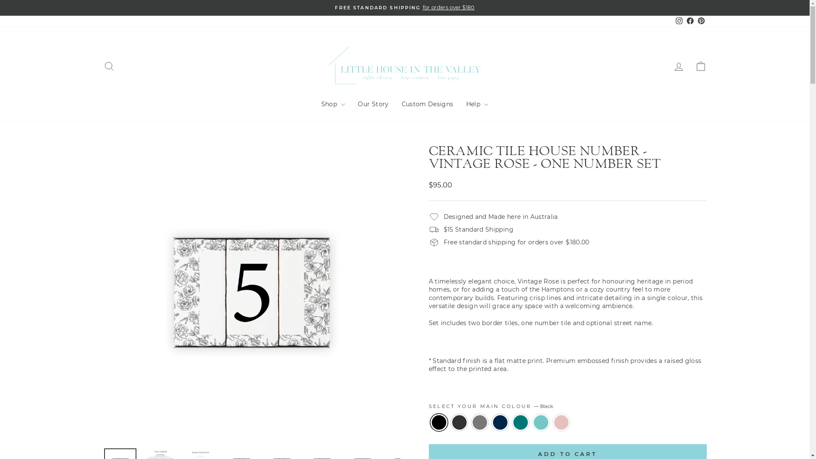 This screenshot has height=459, width=816. I want to click on 'instagram, so click(673, 21).